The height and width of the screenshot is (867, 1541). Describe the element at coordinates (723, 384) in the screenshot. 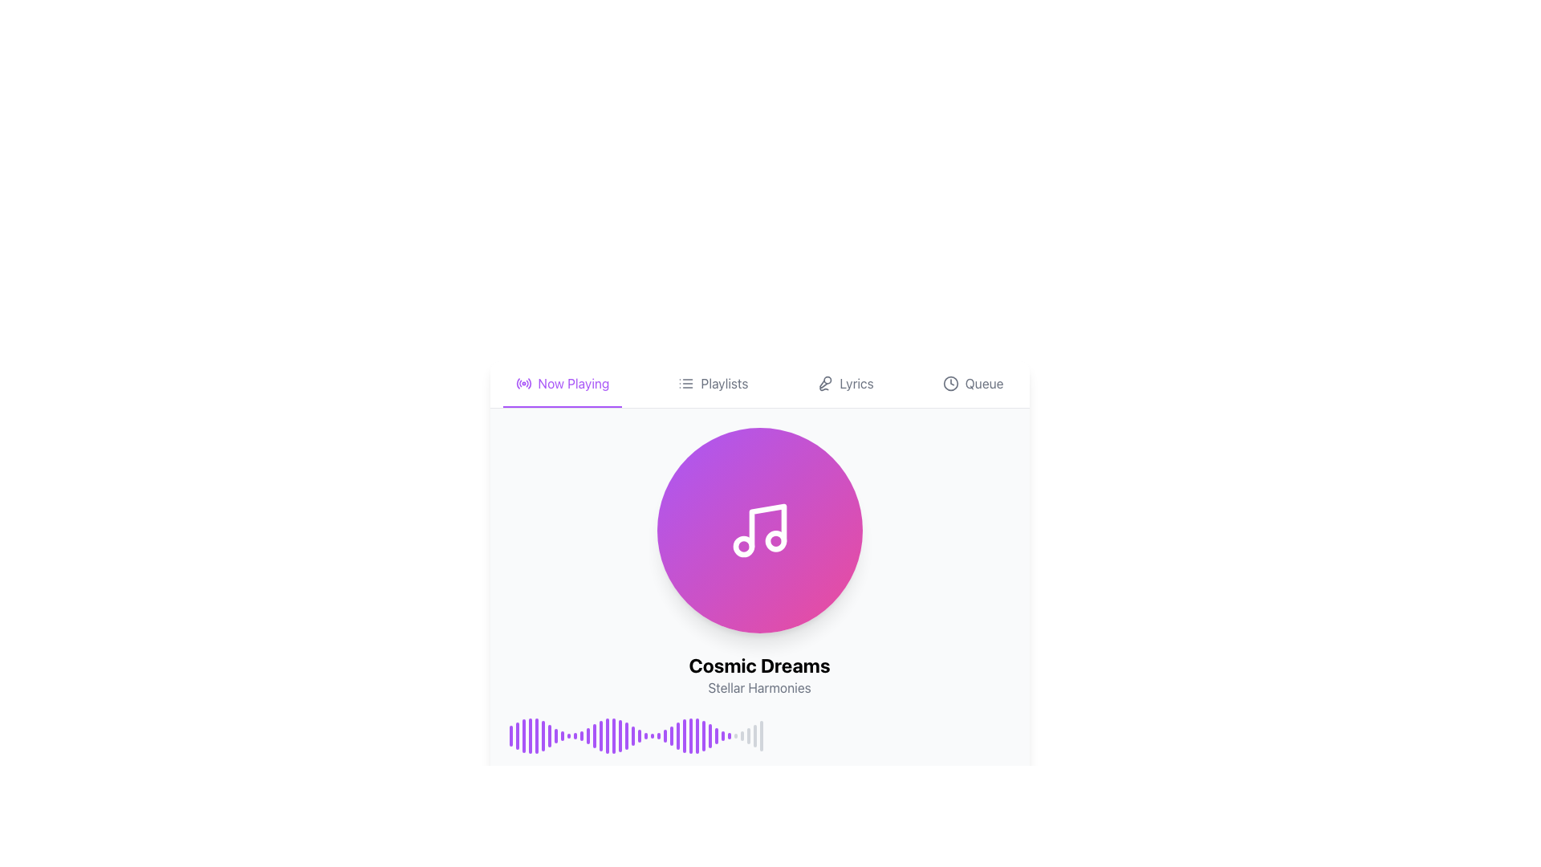

I see `the 'Playlists' static text label located next to the list icon in the navigation bar` at that location.